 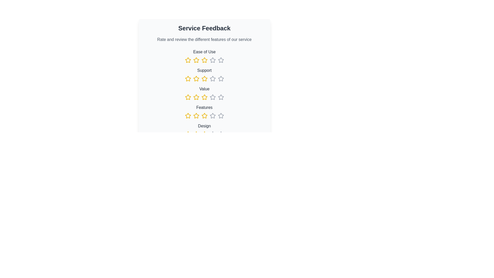 I want to click on the second star-shaped button in the feedback form under the 'Support' category, so click(x=196, y=79).